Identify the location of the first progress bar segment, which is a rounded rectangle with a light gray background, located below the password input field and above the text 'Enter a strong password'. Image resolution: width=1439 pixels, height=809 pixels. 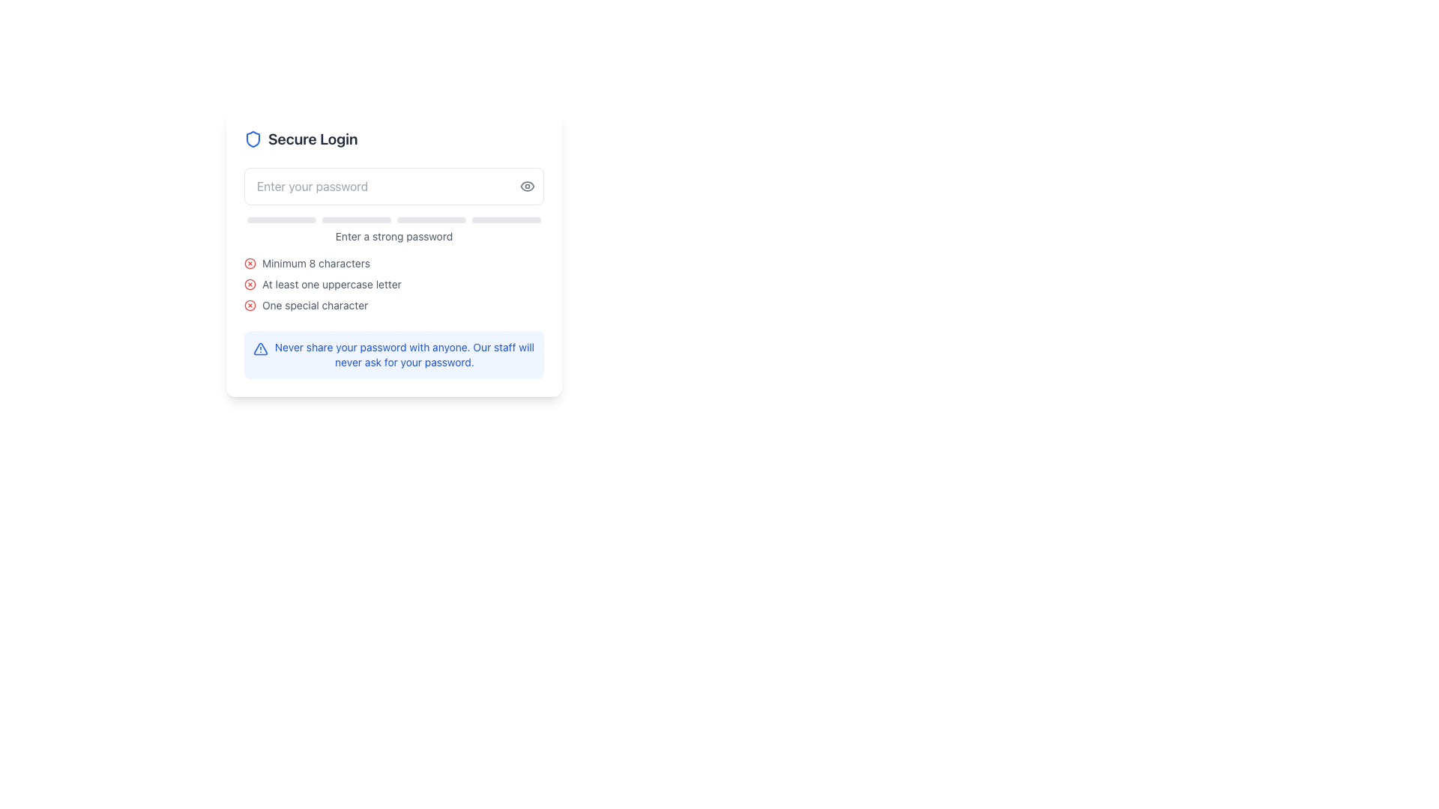
(281, 219).